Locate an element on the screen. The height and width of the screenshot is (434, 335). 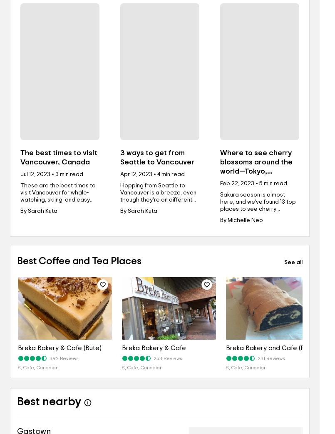
'231 Reviews' is located at coordinates (270, 358).